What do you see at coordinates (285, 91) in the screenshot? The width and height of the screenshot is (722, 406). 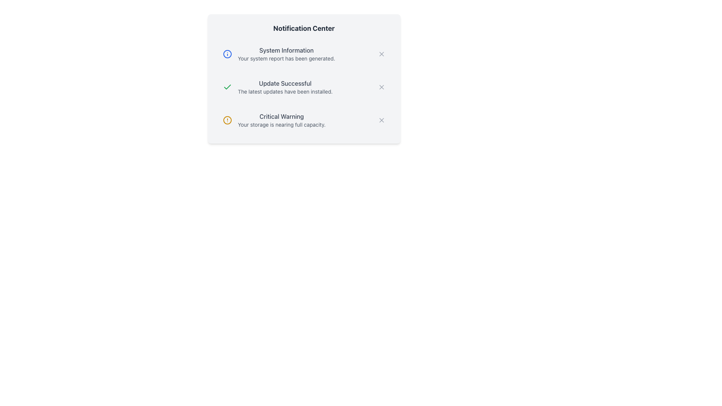 I see `the text label displaying 'The latest updates have been installed.' which is styled in gray and located directly below 'Update Successful'` at bounding box center [285, 91].